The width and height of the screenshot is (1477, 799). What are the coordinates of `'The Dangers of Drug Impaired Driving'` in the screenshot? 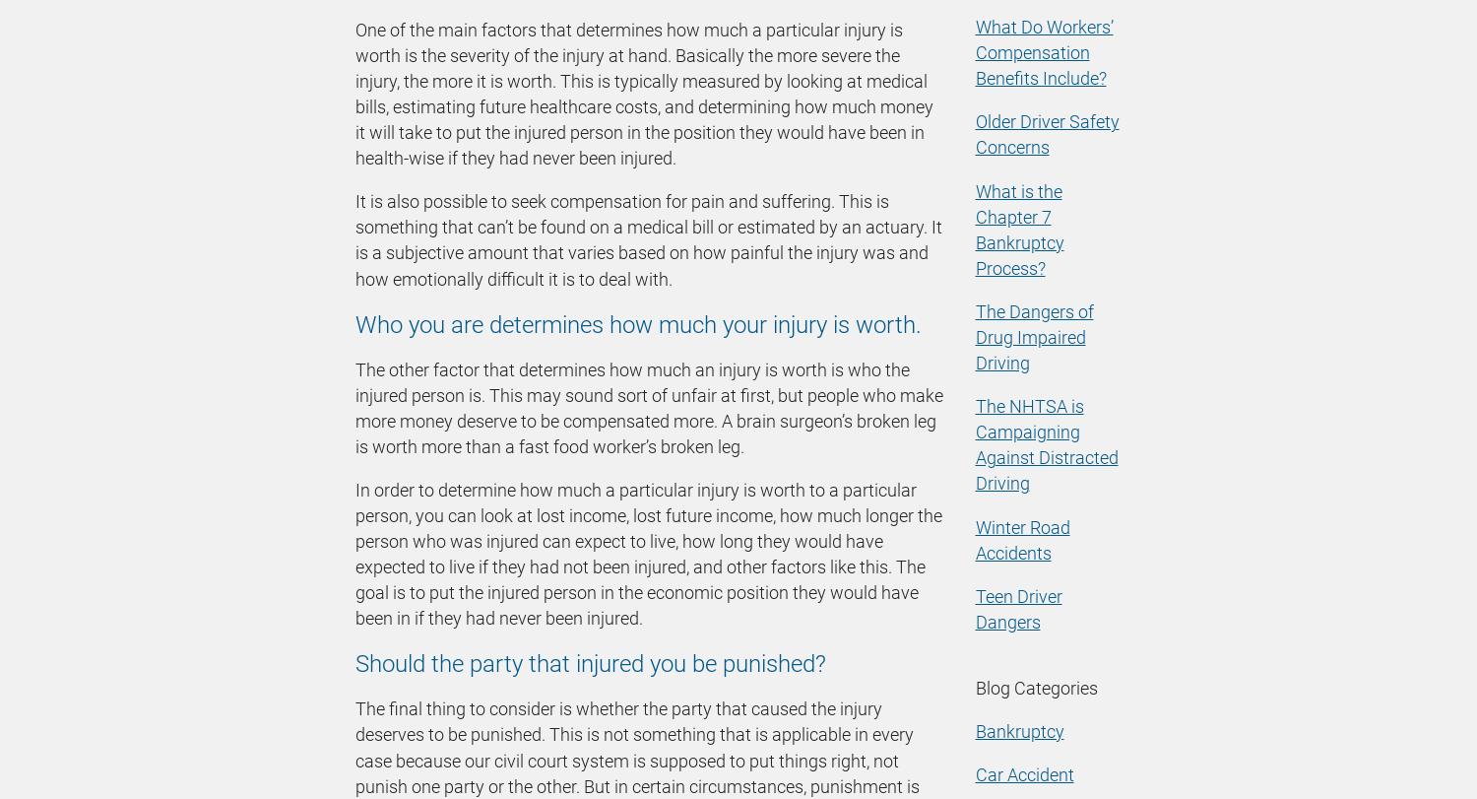 It's located at (1034, 336).